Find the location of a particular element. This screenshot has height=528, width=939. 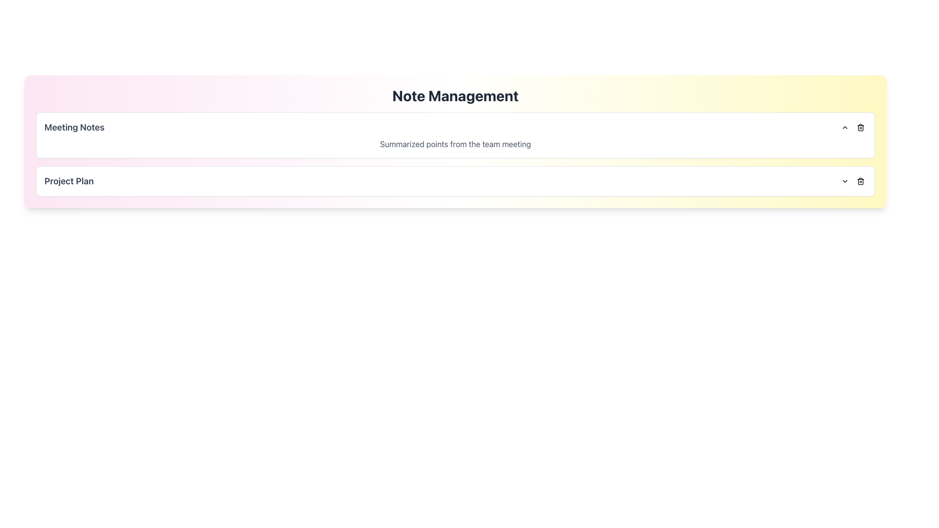

the delete icon located at the far right of the 'Meeting Notes' section is located at coordinates (861, 127).